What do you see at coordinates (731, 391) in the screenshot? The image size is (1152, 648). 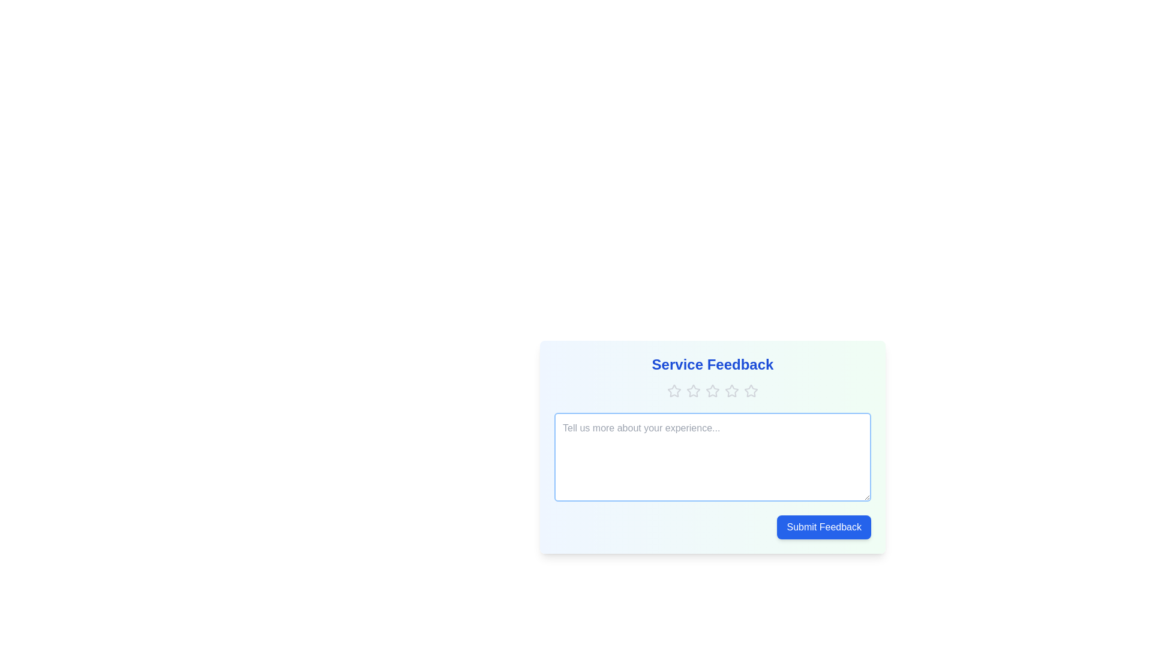 I see `the star corresponding to the desired rating 4` at bounding box center [731, 391].